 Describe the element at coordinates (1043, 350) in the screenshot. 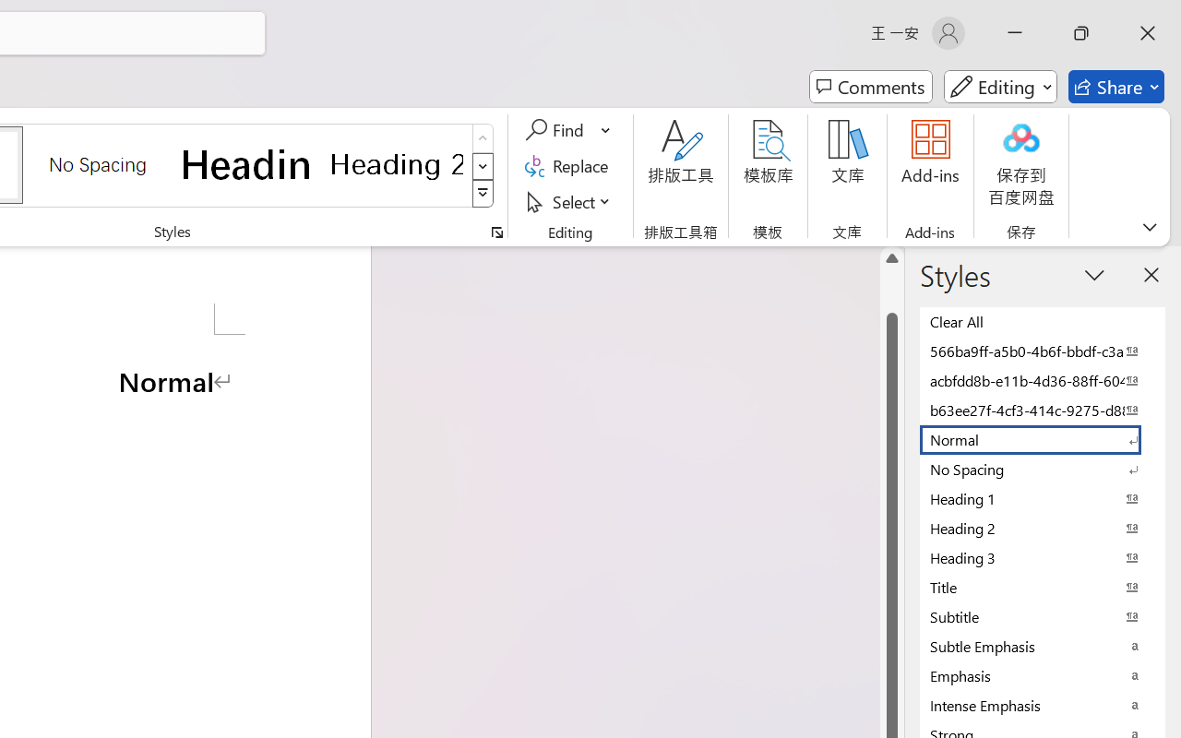

I see `'566ba9ff-a5b0-4b6f-bbdf-c3ab41993fc2'` at that location.